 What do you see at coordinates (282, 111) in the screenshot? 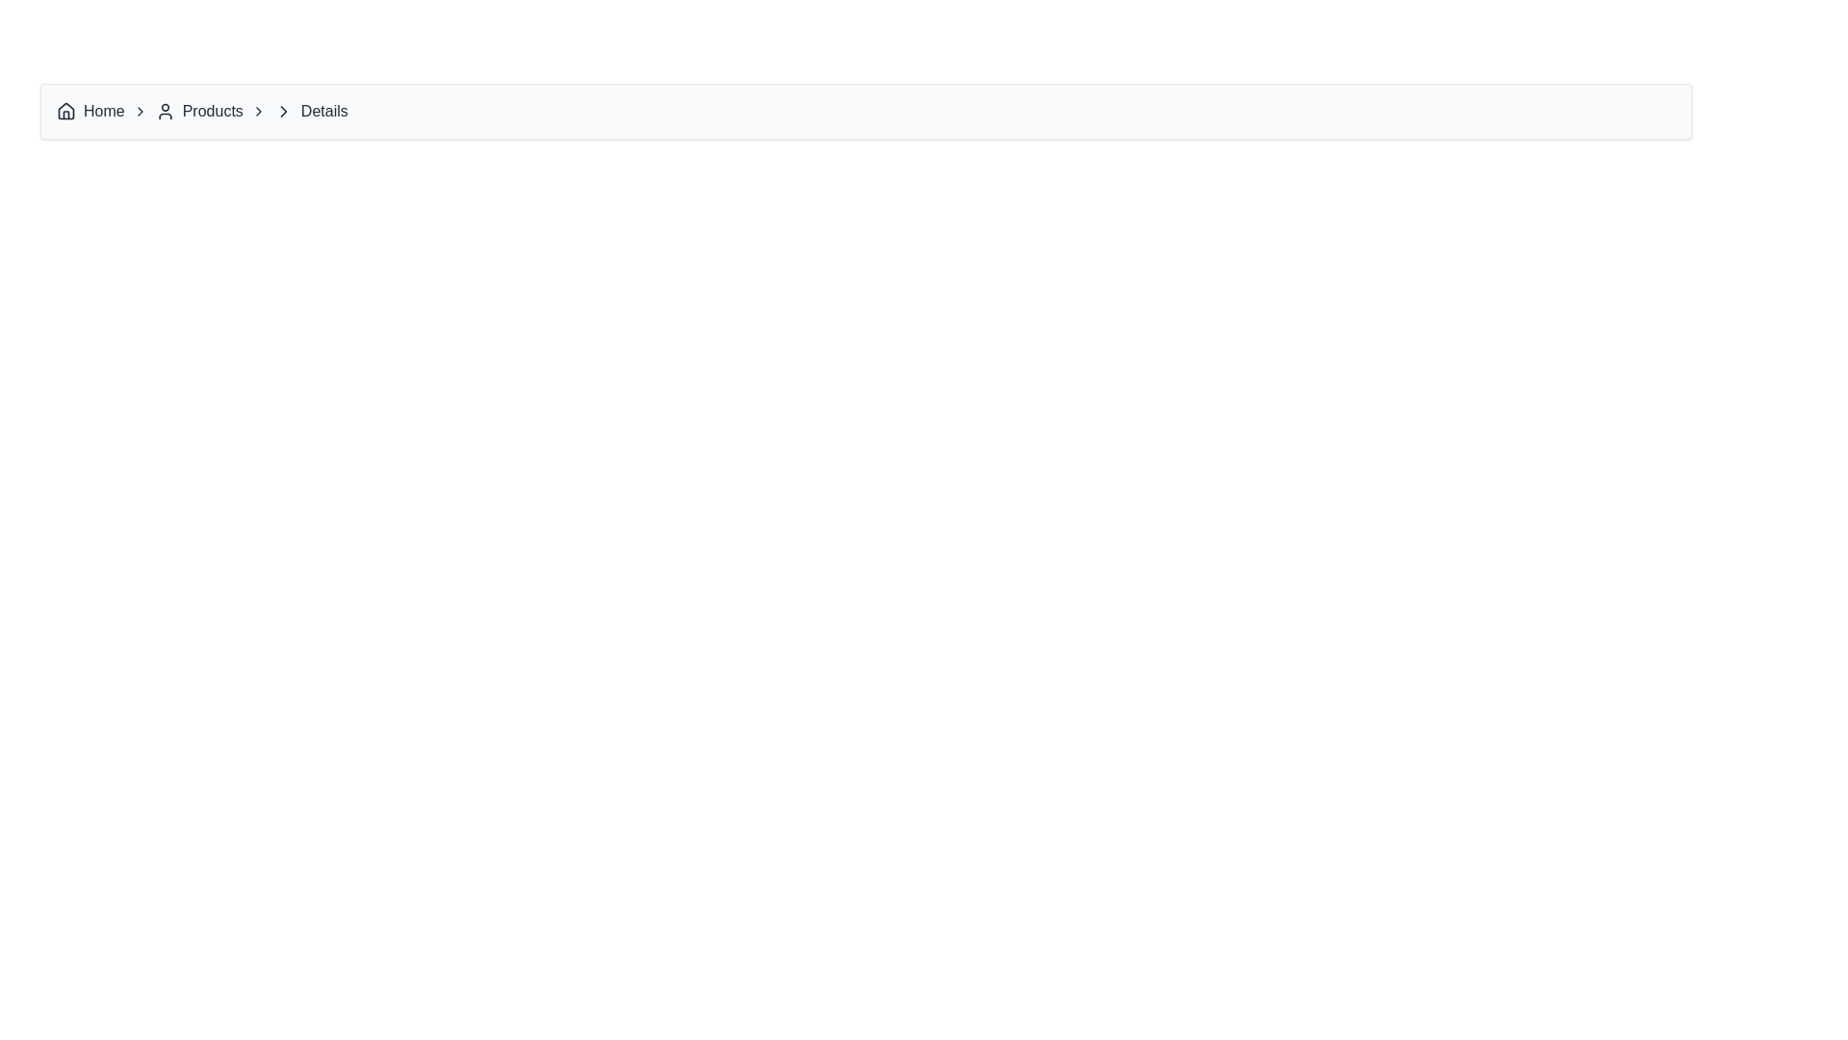
I see `the breadcrumb separator icon that visually symbolizes navigation progression between the 'Products' and 'Details' sections for navigation purposes` at bounding box center [282, 111].